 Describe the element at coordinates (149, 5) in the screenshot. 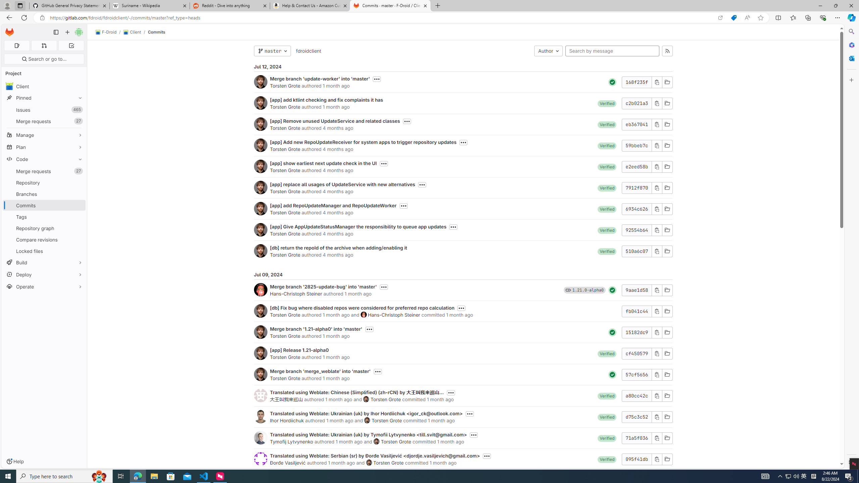

I see `'Suriname - Wikipedia'` at that location.